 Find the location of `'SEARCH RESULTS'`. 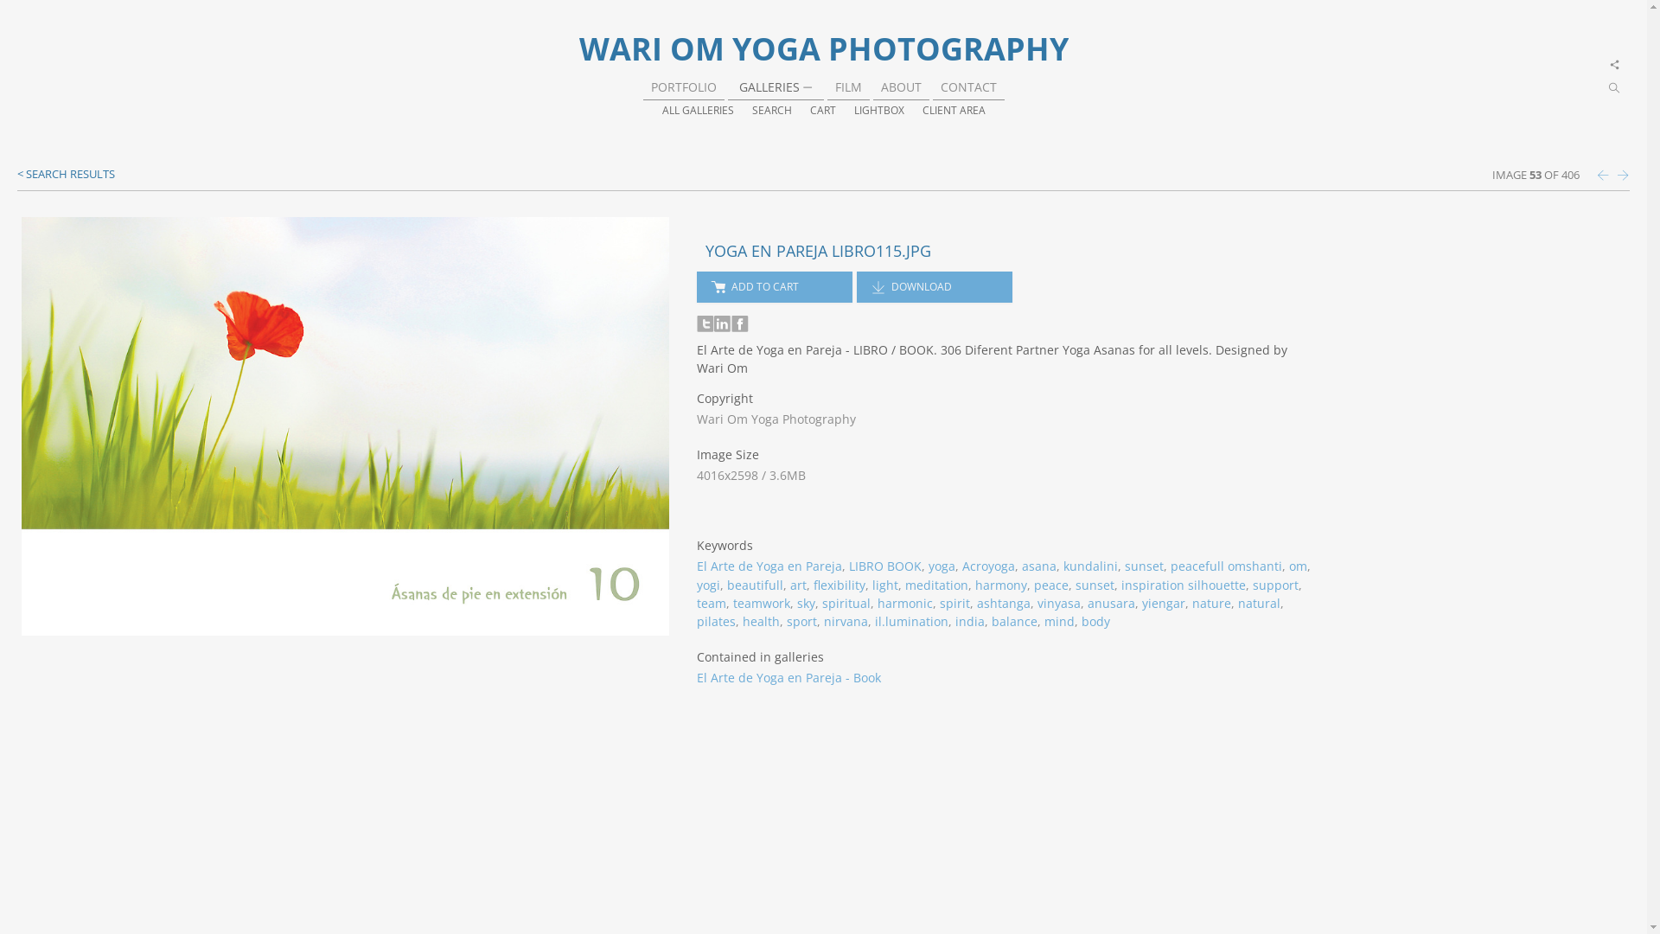

'SEARCH RESULTS' is located at coordinates (66, 173).